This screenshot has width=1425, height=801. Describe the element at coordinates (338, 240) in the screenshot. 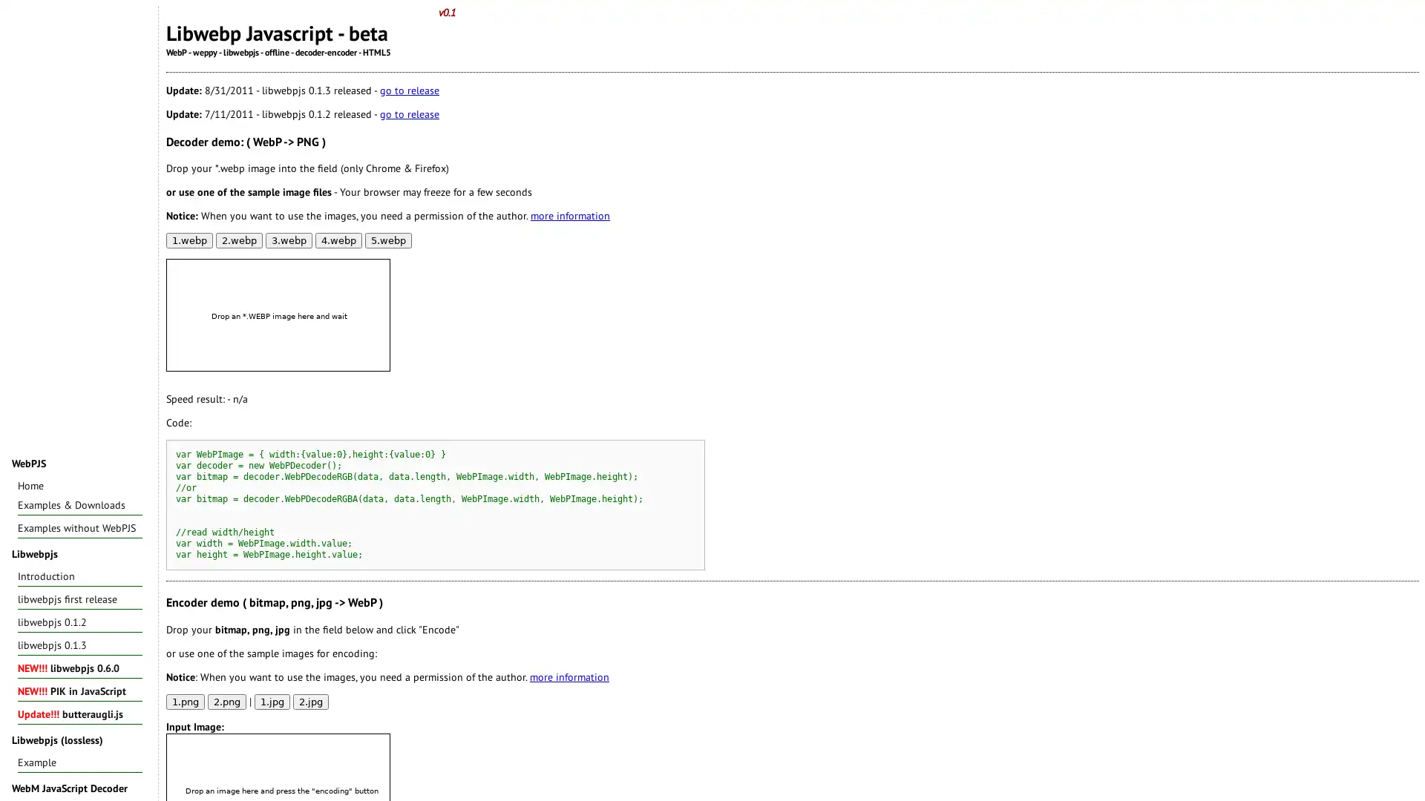

I see `4.webp` at that location.